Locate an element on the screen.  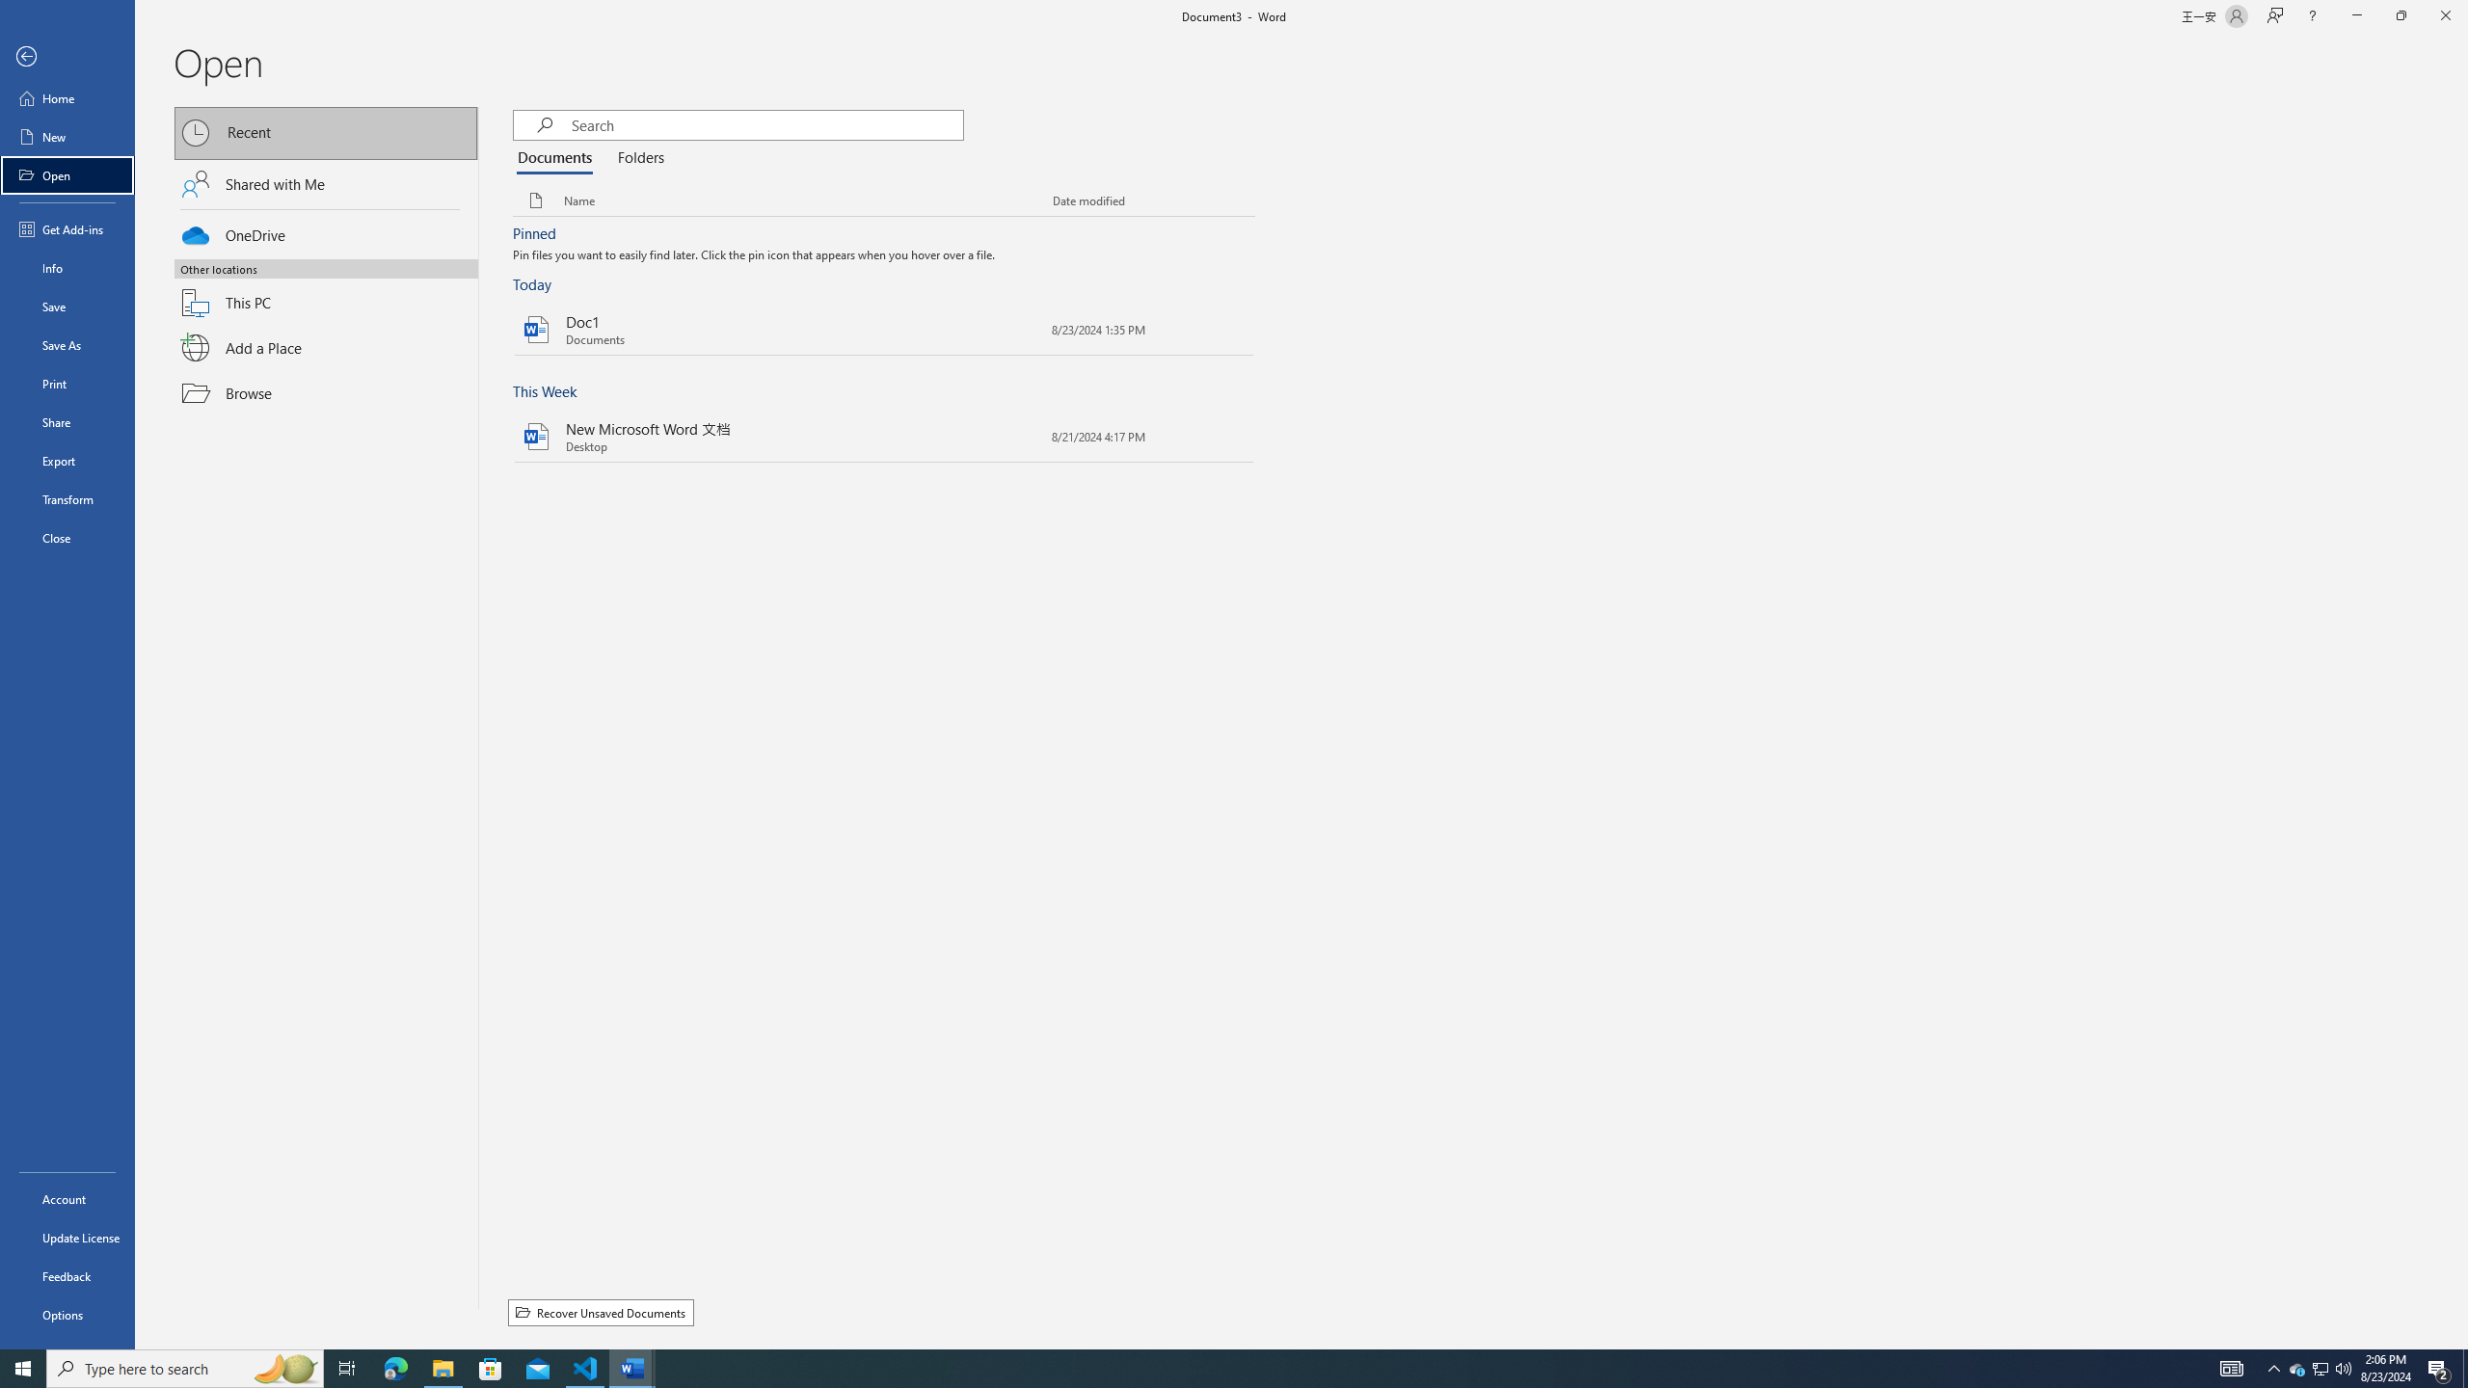
'Browse' is located at coordinates (326, 392).